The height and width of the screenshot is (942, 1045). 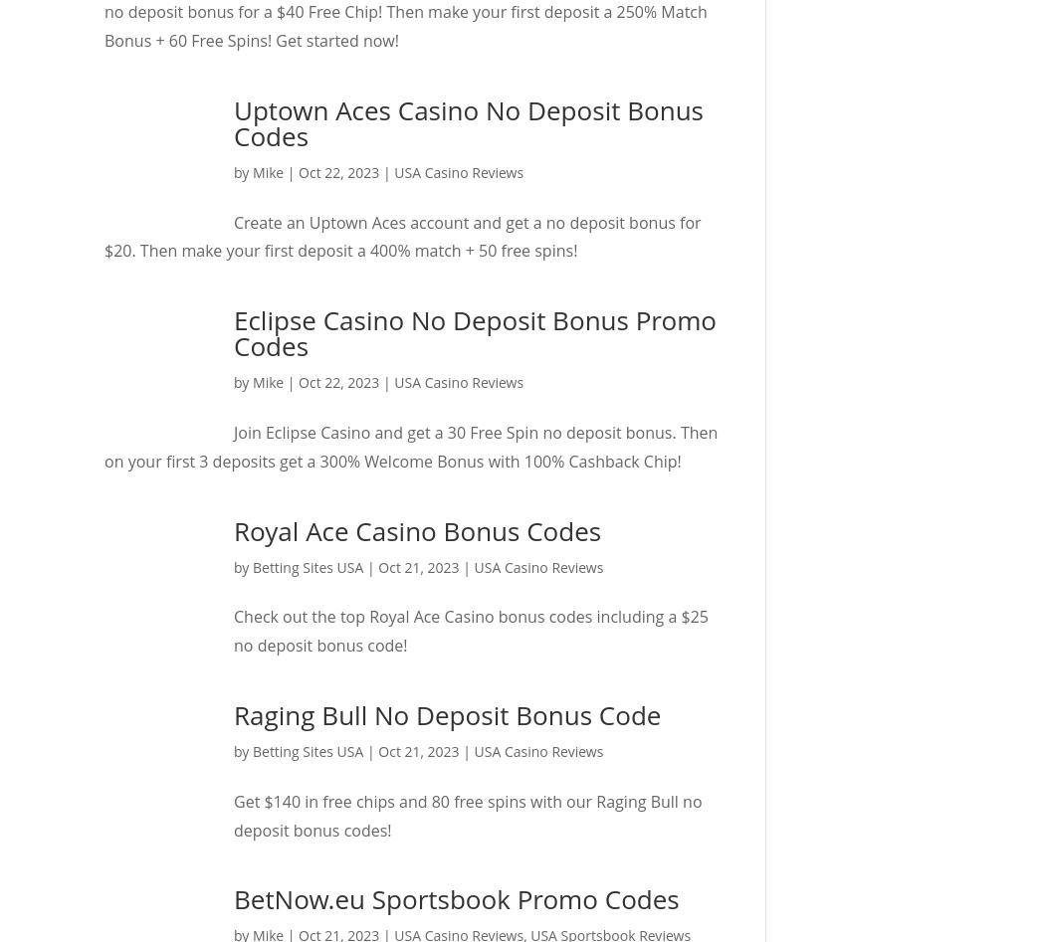 What do you see at coordinates (456, 898) in the screenshot?
I see `'BetNow.eu Sportsbook Promo Codes'` at bounding box center [456, 898].